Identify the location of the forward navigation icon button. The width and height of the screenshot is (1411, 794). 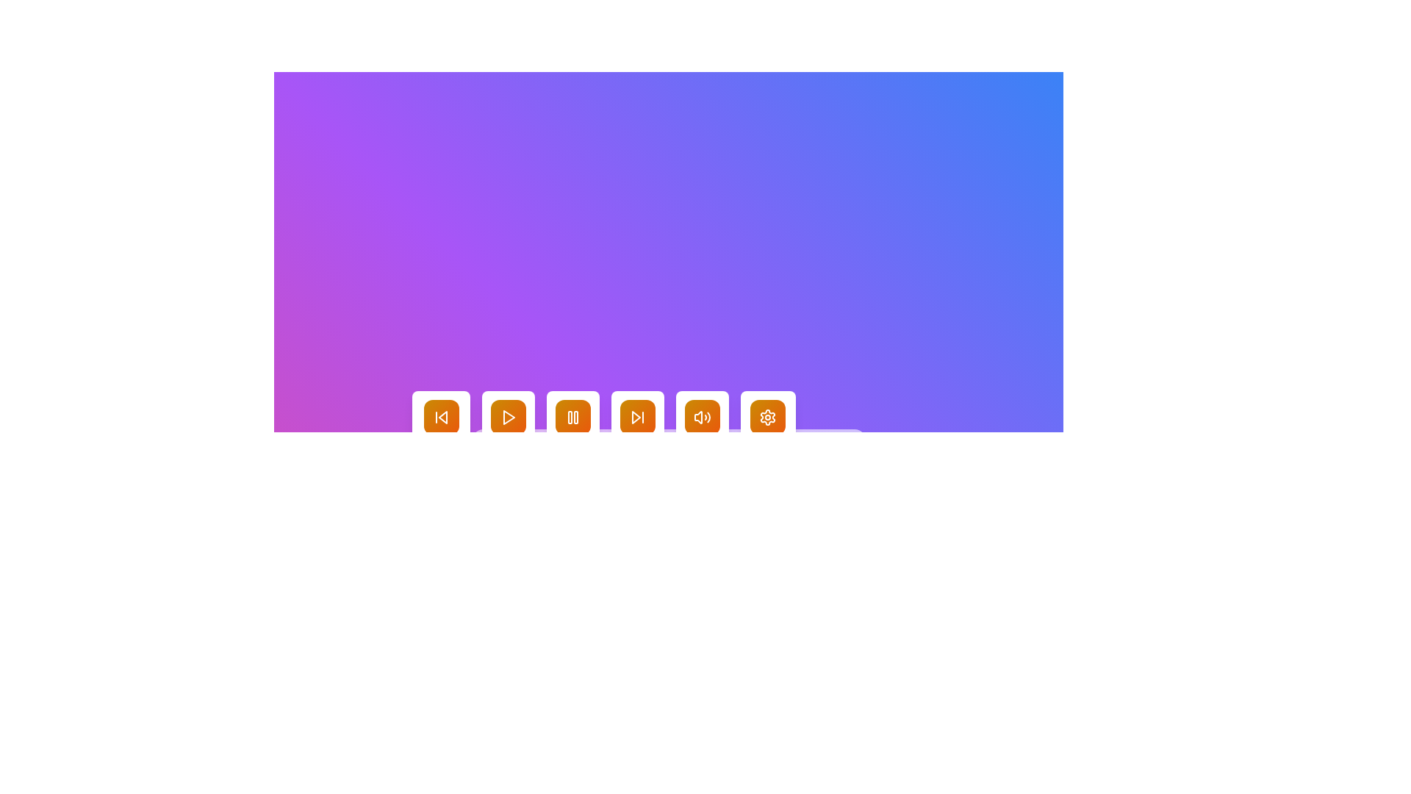
(637, 417).